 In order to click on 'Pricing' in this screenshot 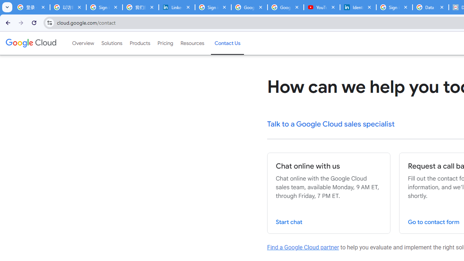, I will do `click(165, 43)`.